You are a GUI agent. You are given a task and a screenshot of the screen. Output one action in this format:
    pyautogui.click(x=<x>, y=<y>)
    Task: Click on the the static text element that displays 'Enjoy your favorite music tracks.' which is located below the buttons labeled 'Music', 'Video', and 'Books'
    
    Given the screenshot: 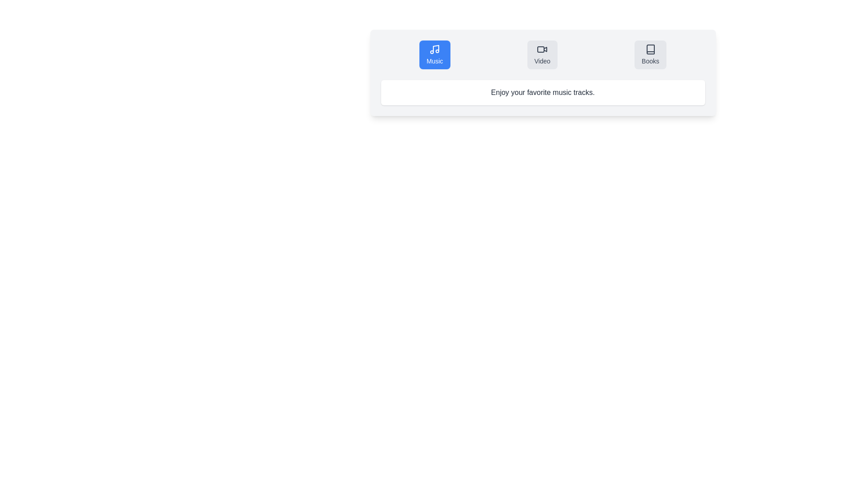 What is the action you would take?
    pyautogui.click(x=542, y=92)
    